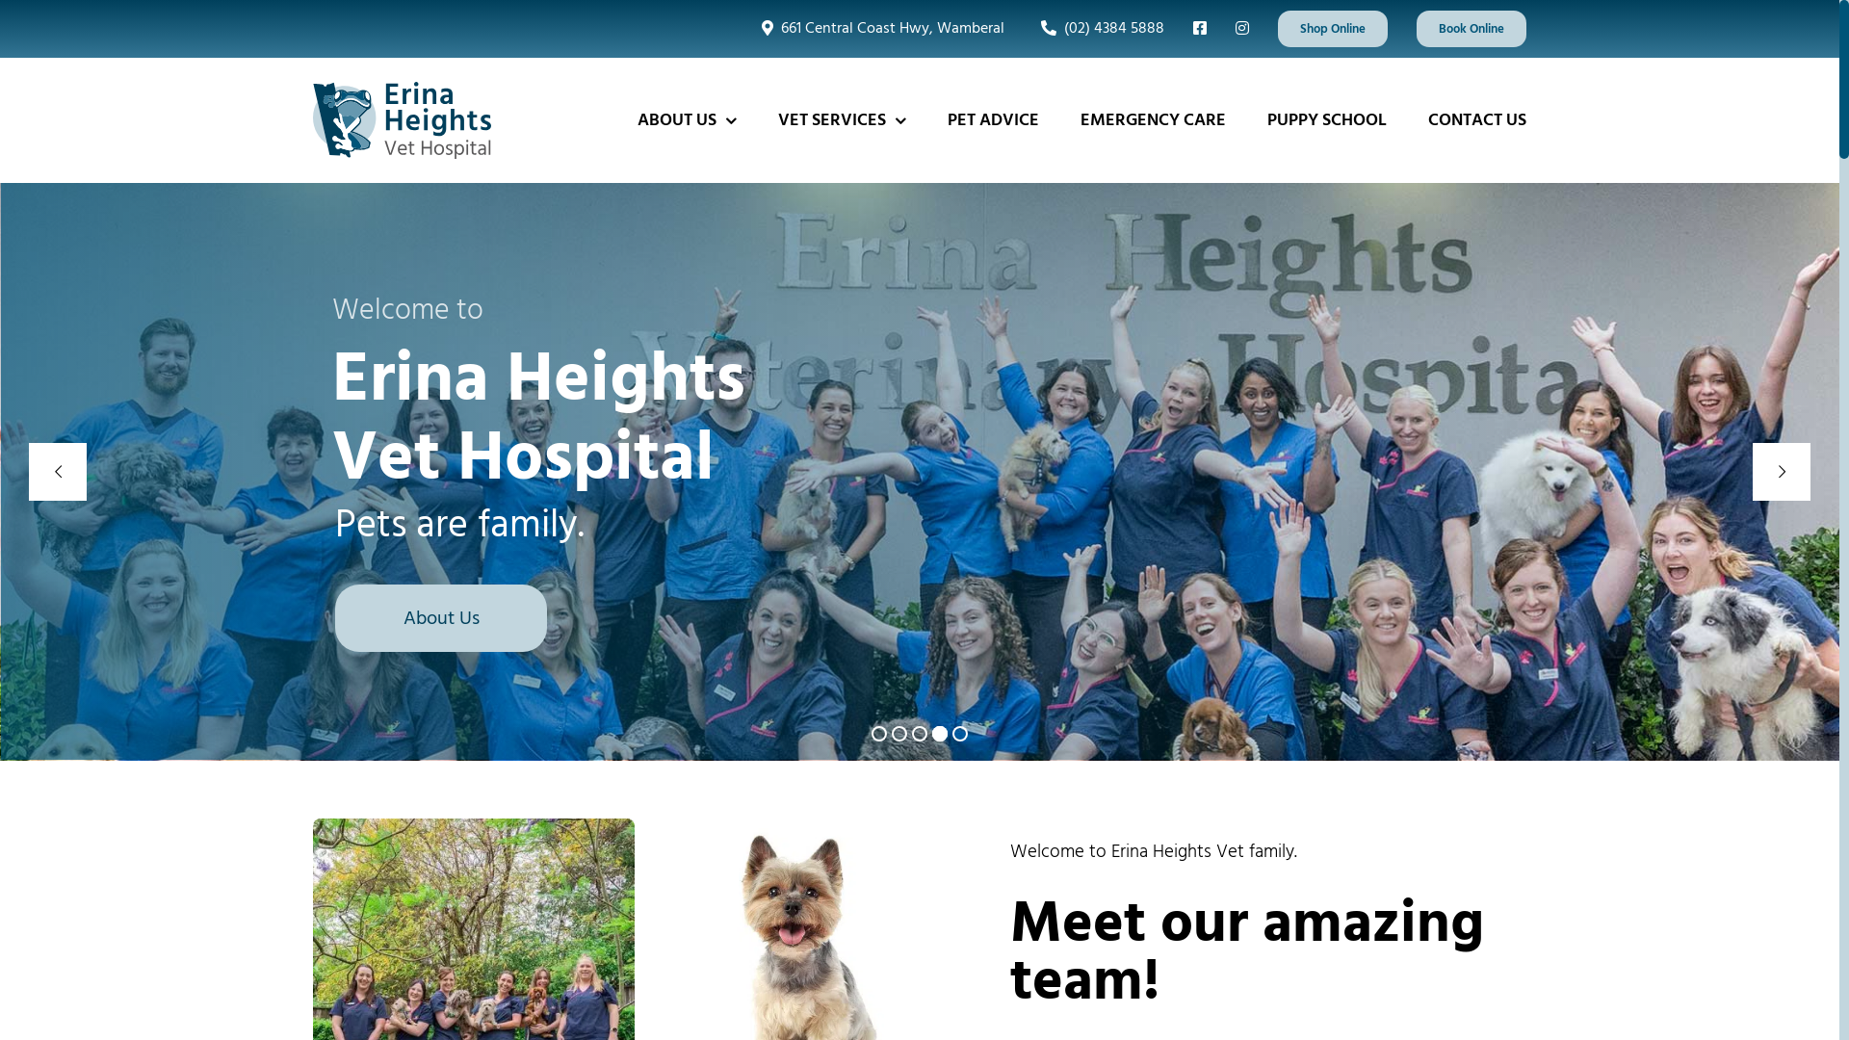 This screenshot has height=1040, width=1849. What do you see at coordinates (993, 119) in the screenshot?
I see `'PET ADVICE'` at bounding box center [993, 119].